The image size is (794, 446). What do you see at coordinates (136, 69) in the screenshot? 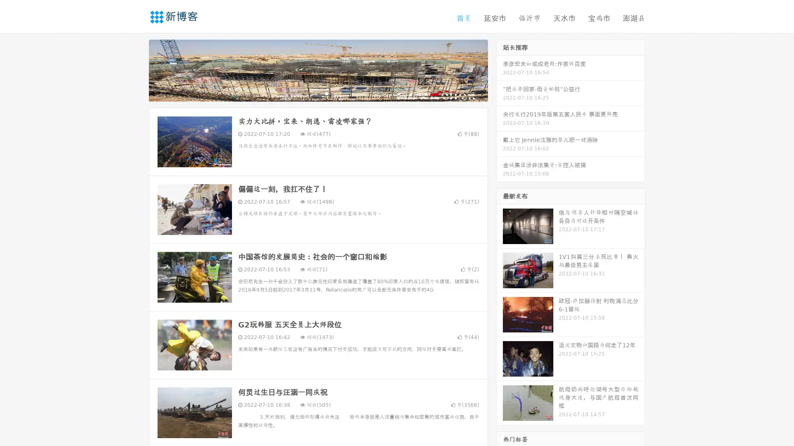
I see `Previous slide` at bounding box center [136, 69].